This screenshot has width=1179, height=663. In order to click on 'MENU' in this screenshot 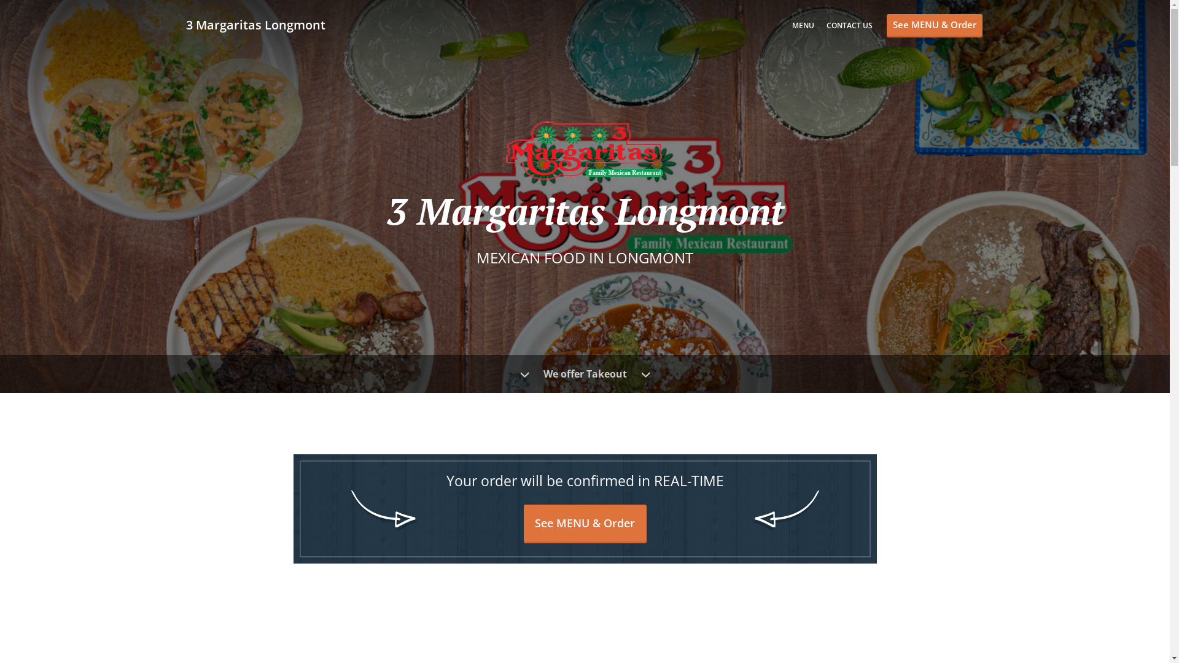, I will do `click(803, 25)`.